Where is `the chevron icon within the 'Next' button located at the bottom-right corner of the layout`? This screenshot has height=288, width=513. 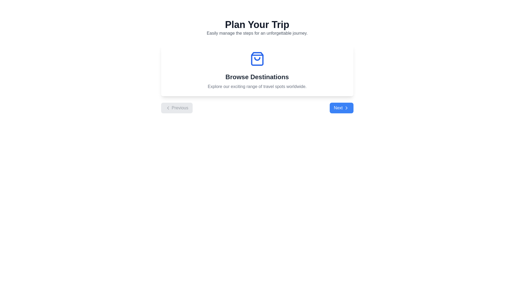
the chevron icon within the 'Next' button located at the bottom-right corner of the layout is located at coordinates (346, 108).